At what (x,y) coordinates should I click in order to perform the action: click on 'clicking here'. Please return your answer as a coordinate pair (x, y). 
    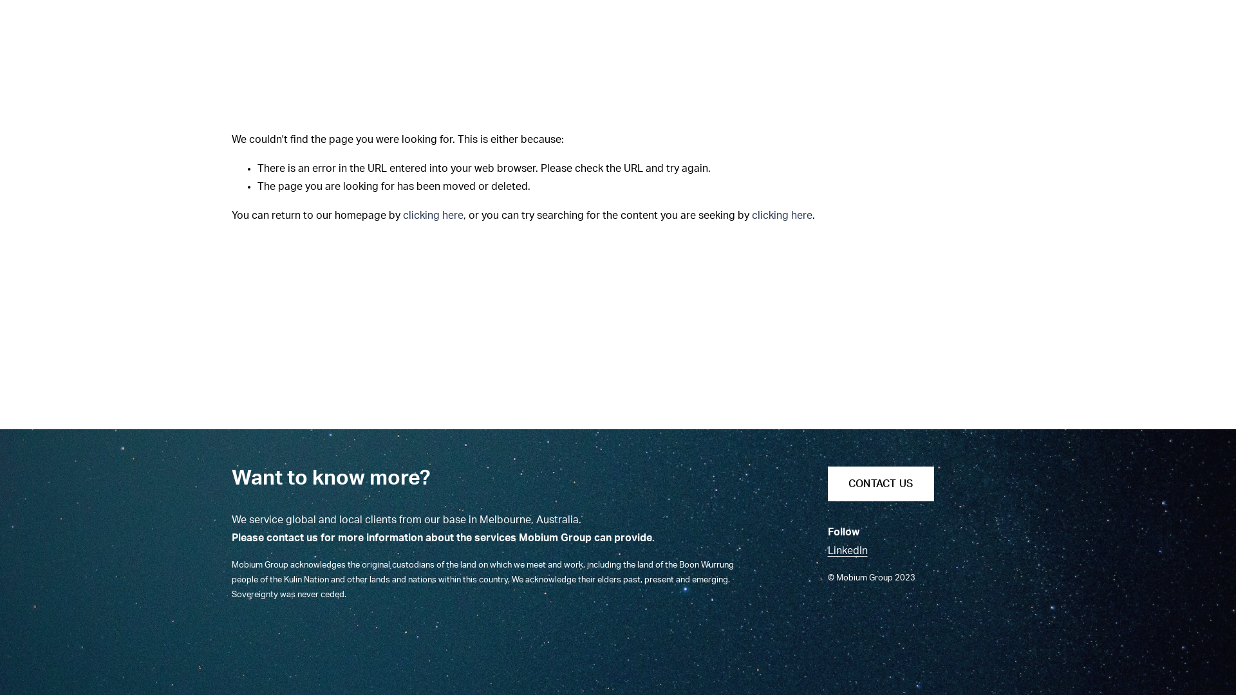
    Looking at the image, I should click on (433, 215).